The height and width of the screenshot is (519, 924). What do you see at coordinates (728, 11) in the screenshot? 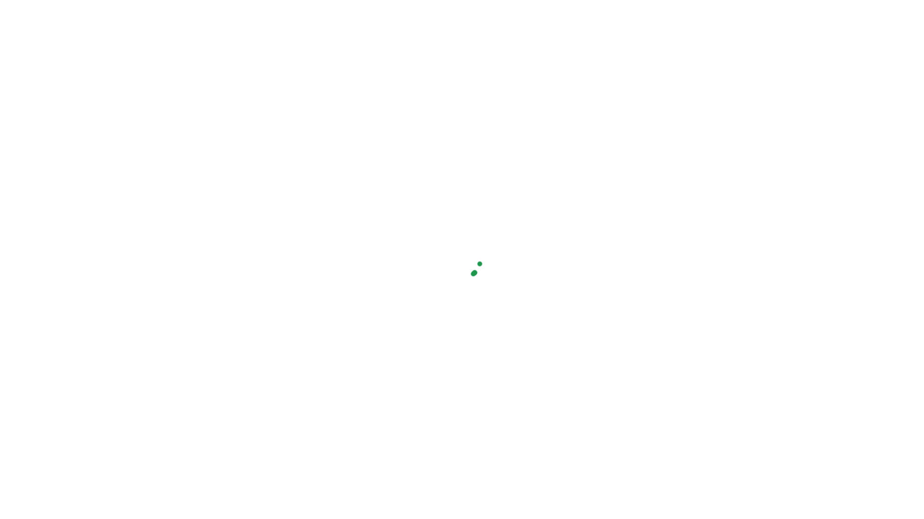
I see `'+375 (29)` at bounding box center [728, 11].